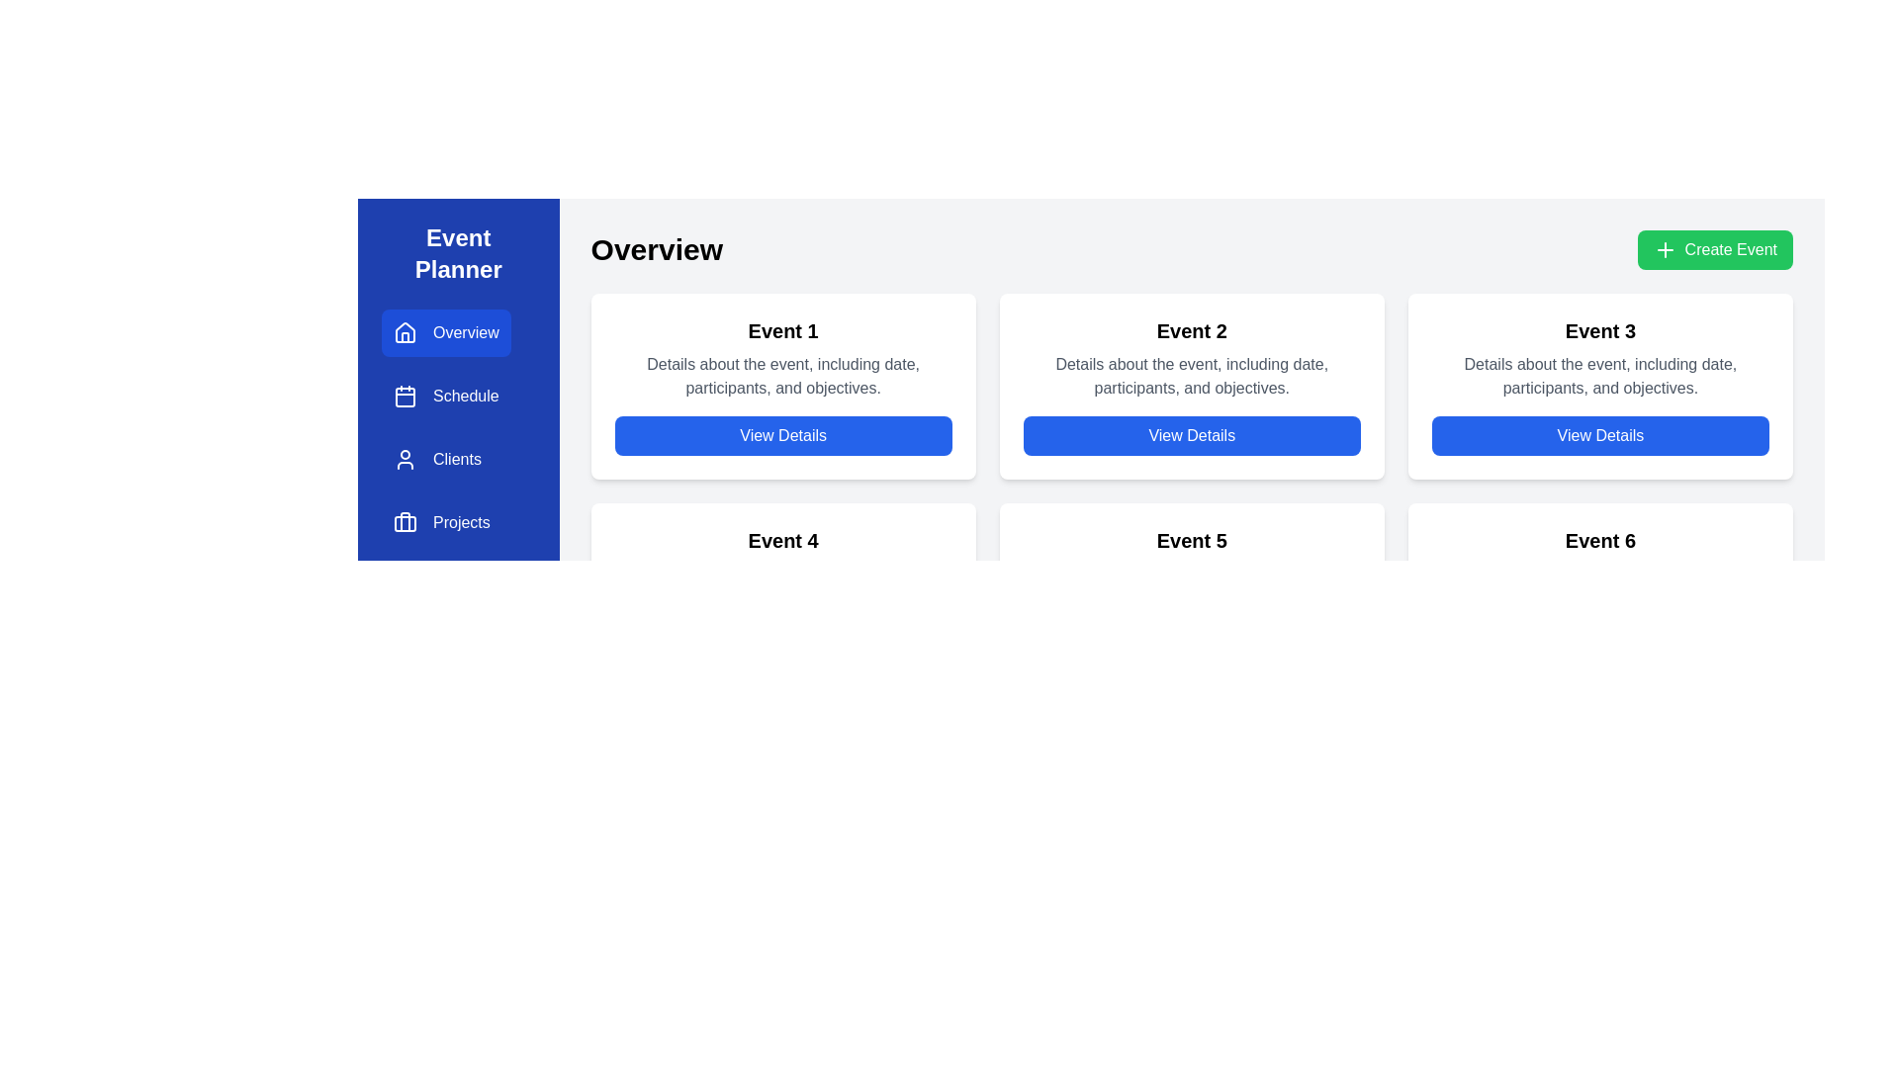 The width and height of the screenshot is (1899, 1068). Describe the element at coordinates (445, 521) in the screenshot. I see `the 'Projects' button located in the vertical navigation menu, which is the fourth item, positioned between the 'Clients' and 'Settings' buttons` at that location.